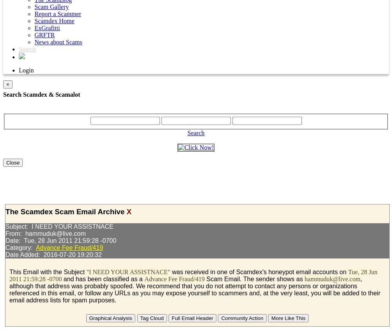 This screenshot has width=392, height=329. I want to click on 'Graphical Analysis', so click(111, 318).